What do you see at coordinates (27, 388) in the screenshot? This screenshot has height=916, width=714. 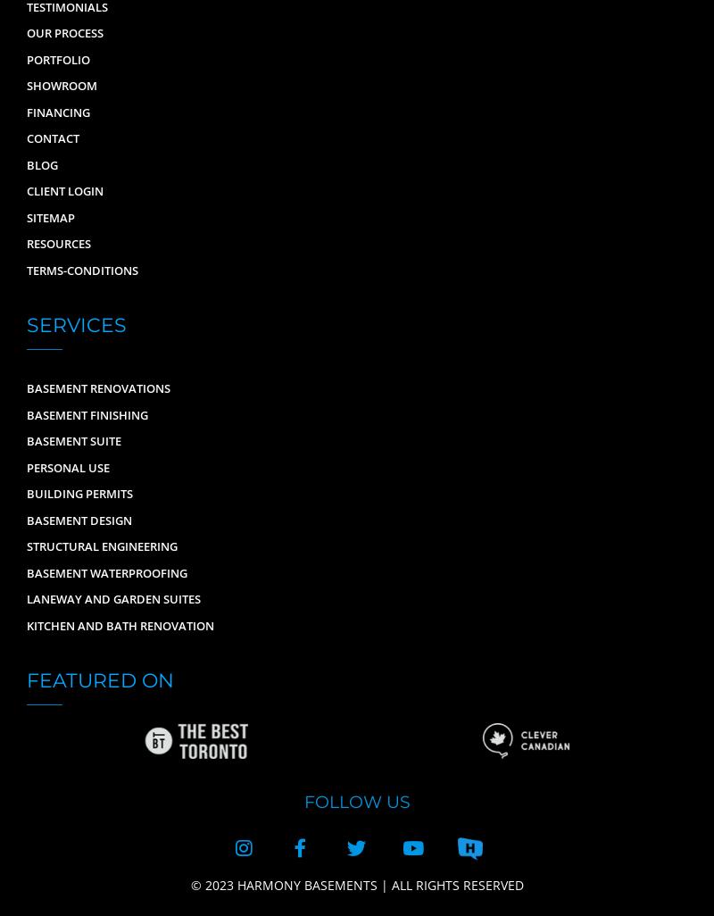 I see `'Basement Renovations'` at bounding box center [27, 388].